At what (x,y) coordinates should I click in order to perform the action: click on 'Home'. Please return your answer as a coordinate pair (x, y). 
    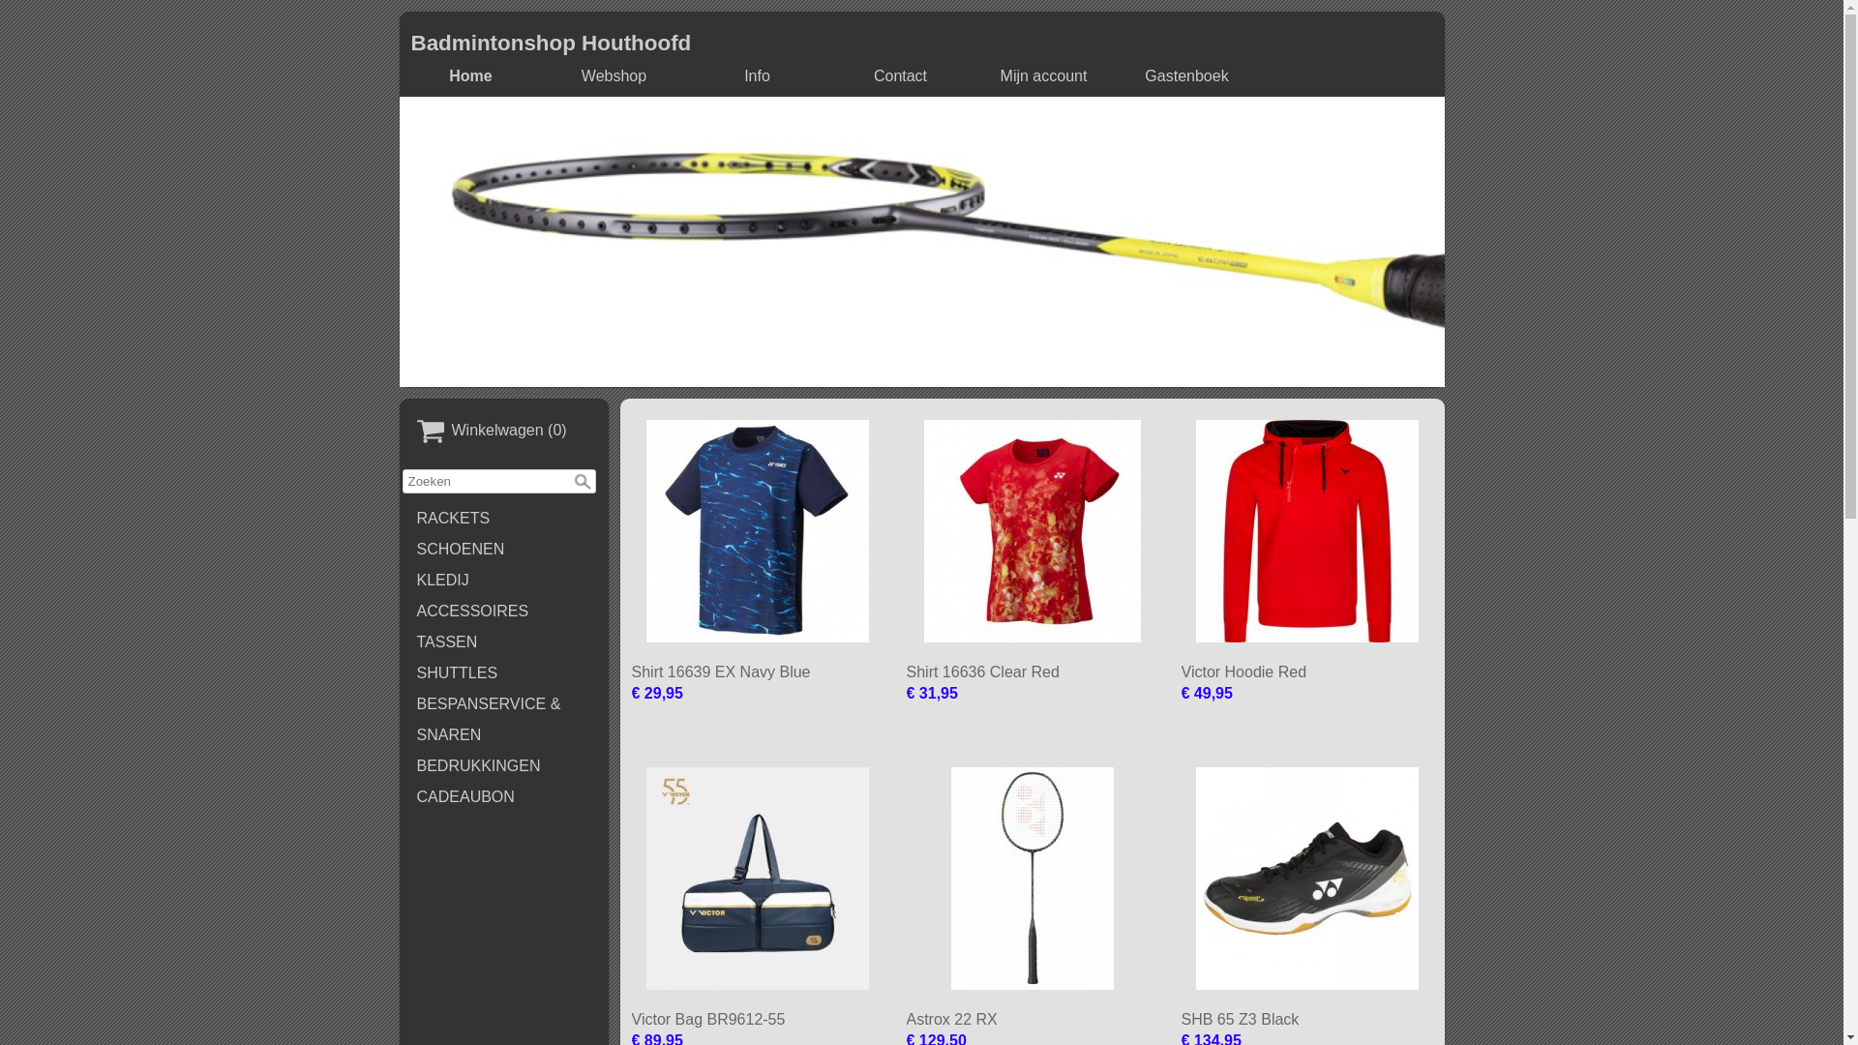
    Looking at the image, I should click on (470, 75).